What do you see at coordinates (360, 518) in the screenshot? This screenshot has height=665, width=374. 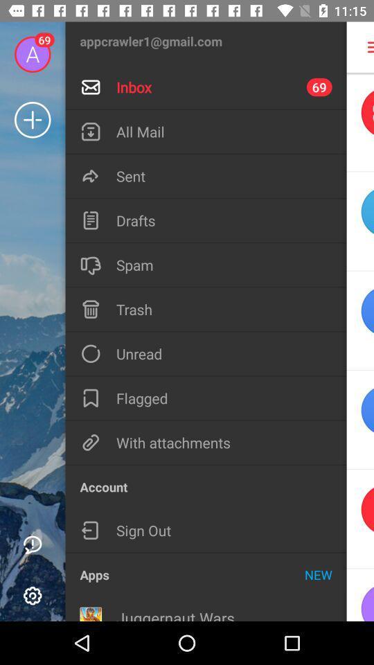 I see `the arrow_backward icon` at bounding box center [360, 518].